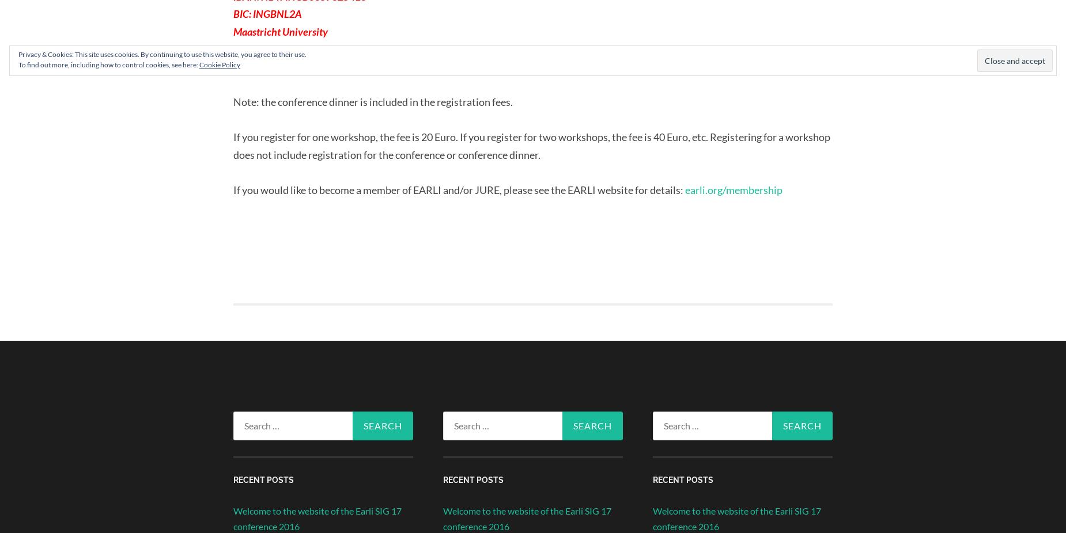 This screenshot has width=1066, height=533. Describe the element at coordinates (733, 190) in the screenshot. I see `'earli.org/membership'` at that location.